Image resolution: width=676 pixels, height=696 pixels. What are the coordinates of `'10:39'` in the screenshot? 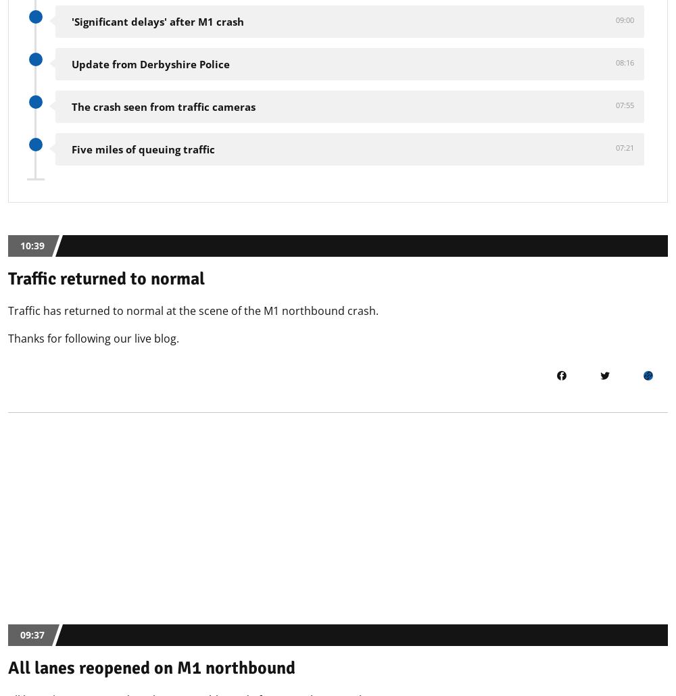 It's located at (32, 245).